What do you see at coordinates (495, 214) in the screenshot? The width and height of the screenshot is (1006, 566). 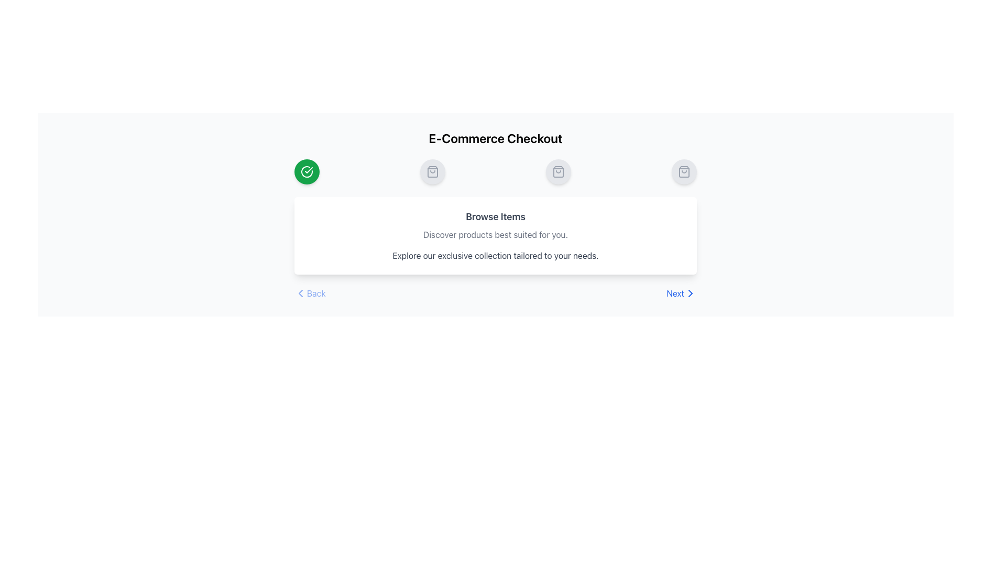 I see `the checkout panel titled 'E-Commerce Checkout' that contains a content box with the text 'Browse Items Discover products best suited for you.' and navigation controls 'Back' and 'Next'` at bounding box center [495, 214].